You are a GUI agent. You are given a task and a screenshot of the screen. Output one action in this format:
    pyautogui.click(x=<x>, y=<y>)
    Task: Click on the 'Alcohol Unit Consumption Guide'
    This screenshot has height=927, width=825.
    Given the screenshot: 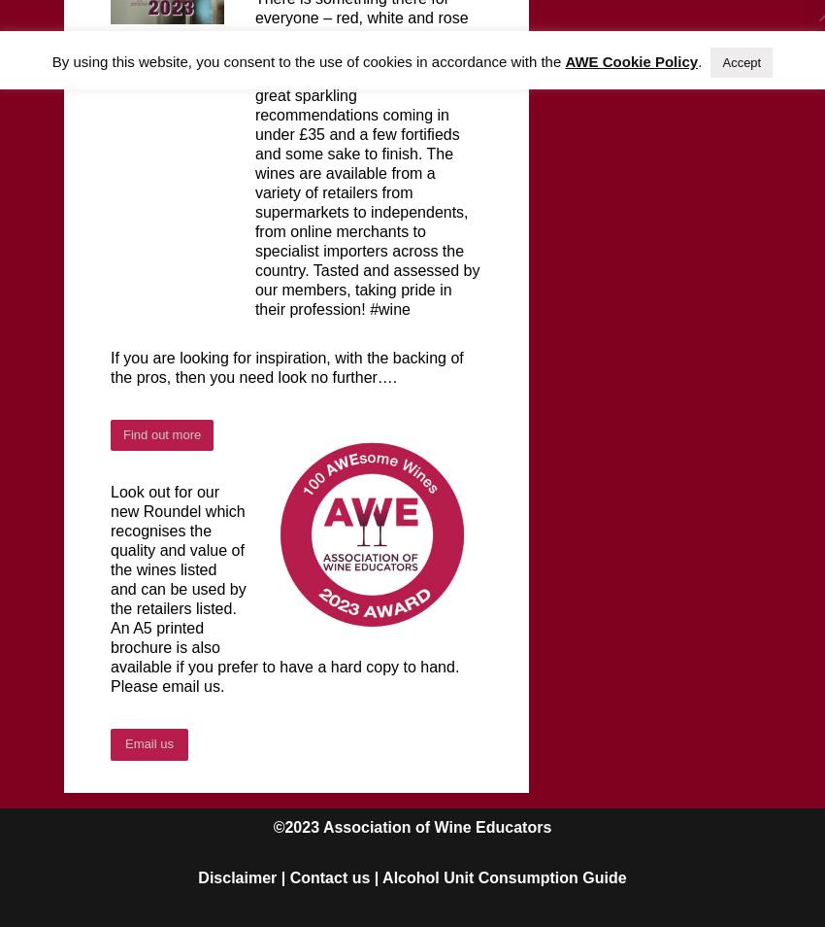 What is the action you would take?
    pyautogui.click(x=381, y=876)
    